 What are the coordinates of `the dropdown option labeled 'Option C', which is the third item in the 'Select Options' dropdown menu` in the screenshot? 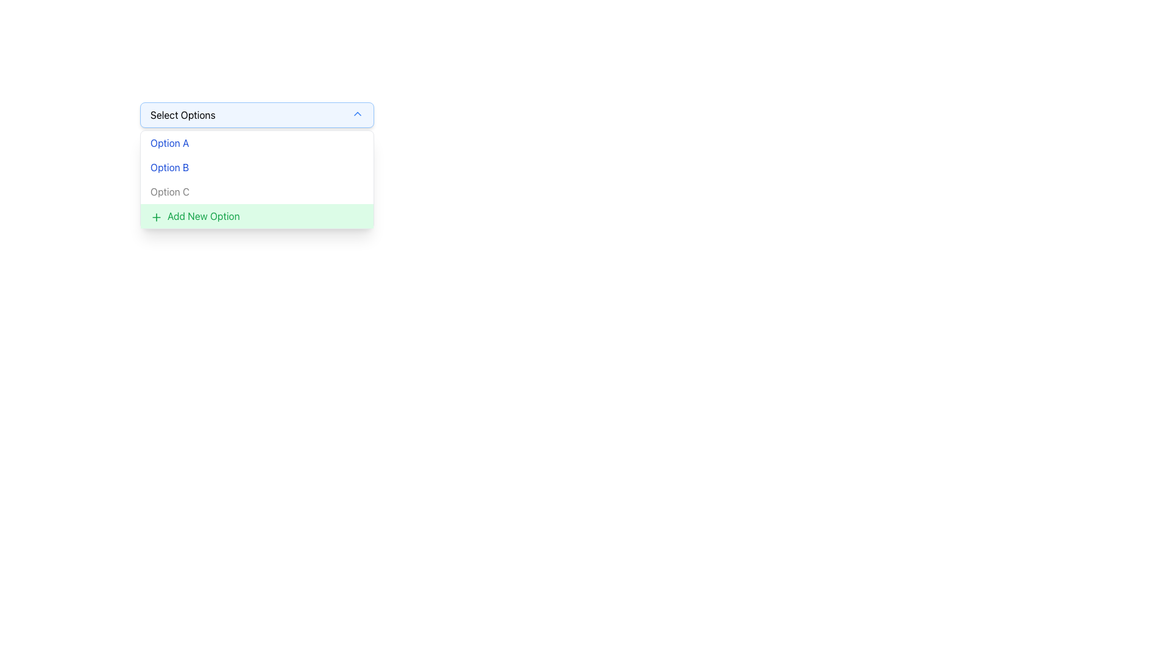 It's located at (169, 192).